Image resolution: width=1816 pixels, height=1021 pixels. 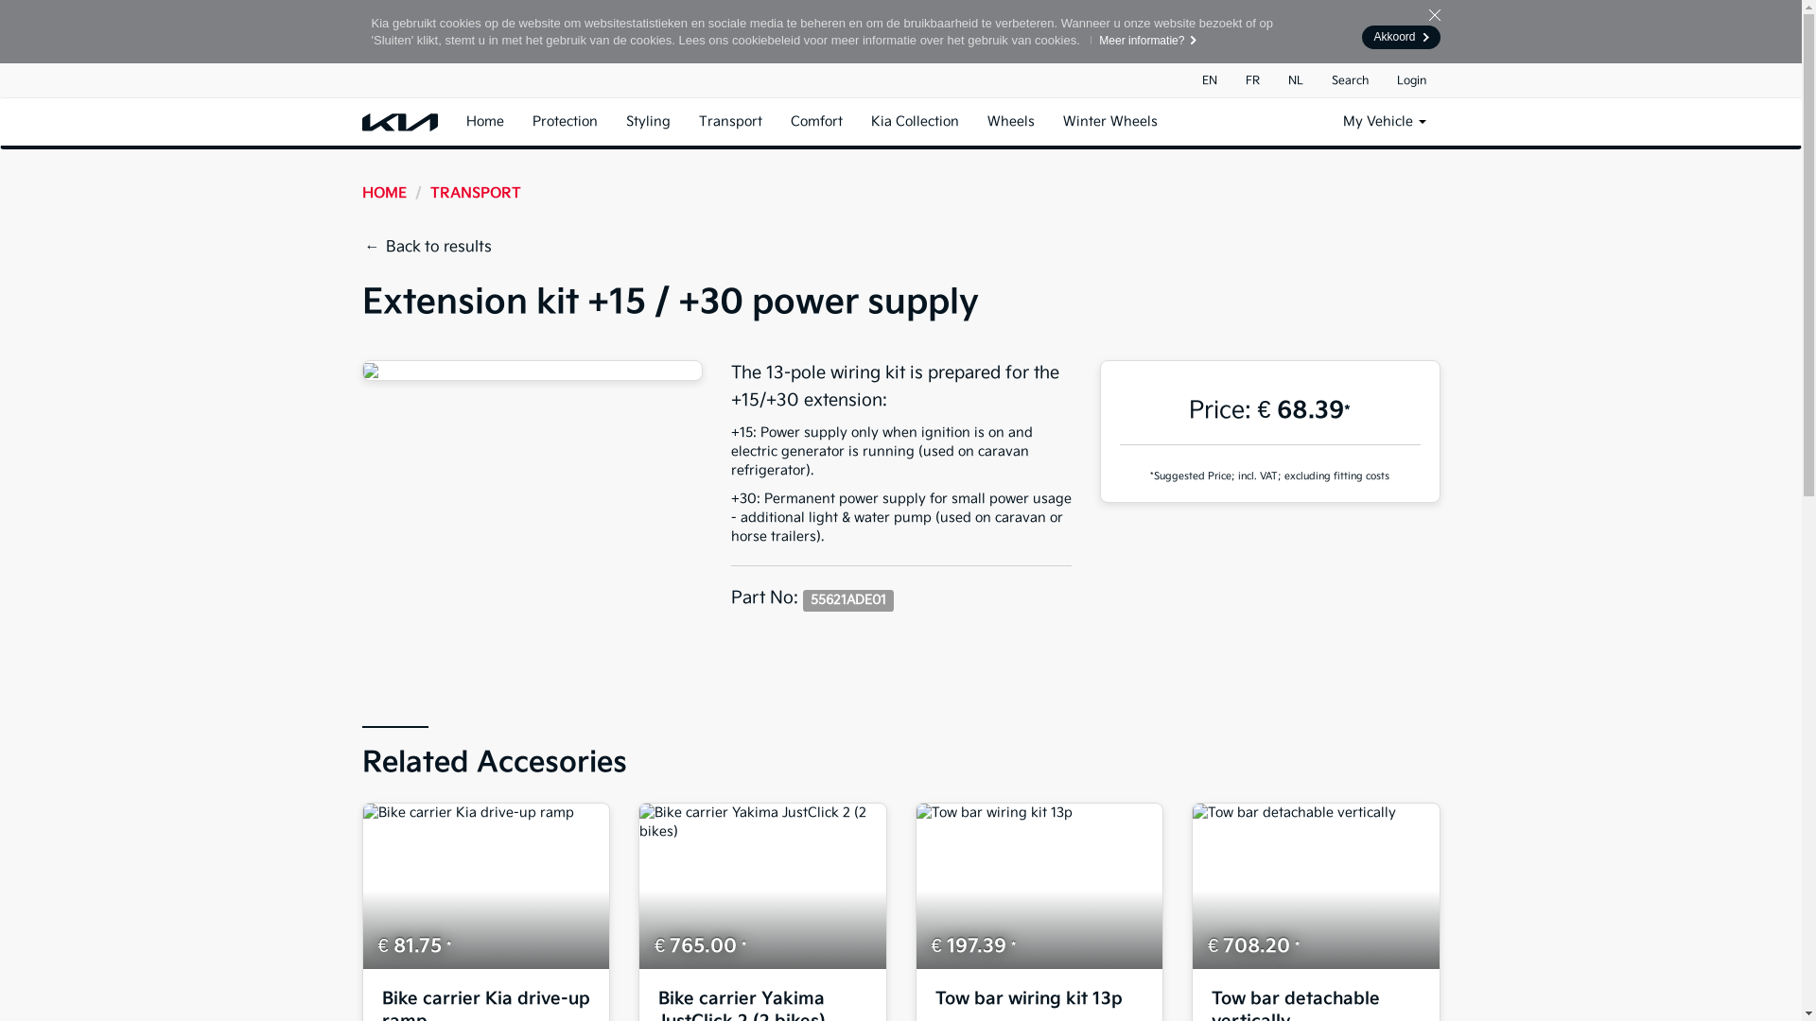 I want to click on 'EN', so click(x=1208, y=79).